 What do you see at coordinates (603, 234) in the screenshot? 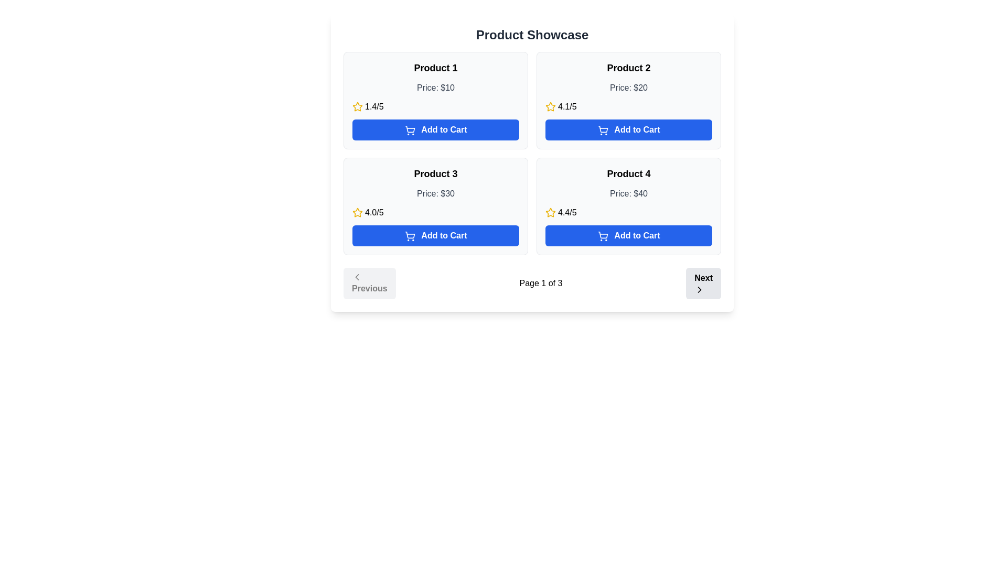
I see `the 'Add to Cart' vector graphic icon located at the bottom-right corner of the 'Product 4' card, which visually represents the 'Add to Cart' functionality` at bounding box center [603, 234].